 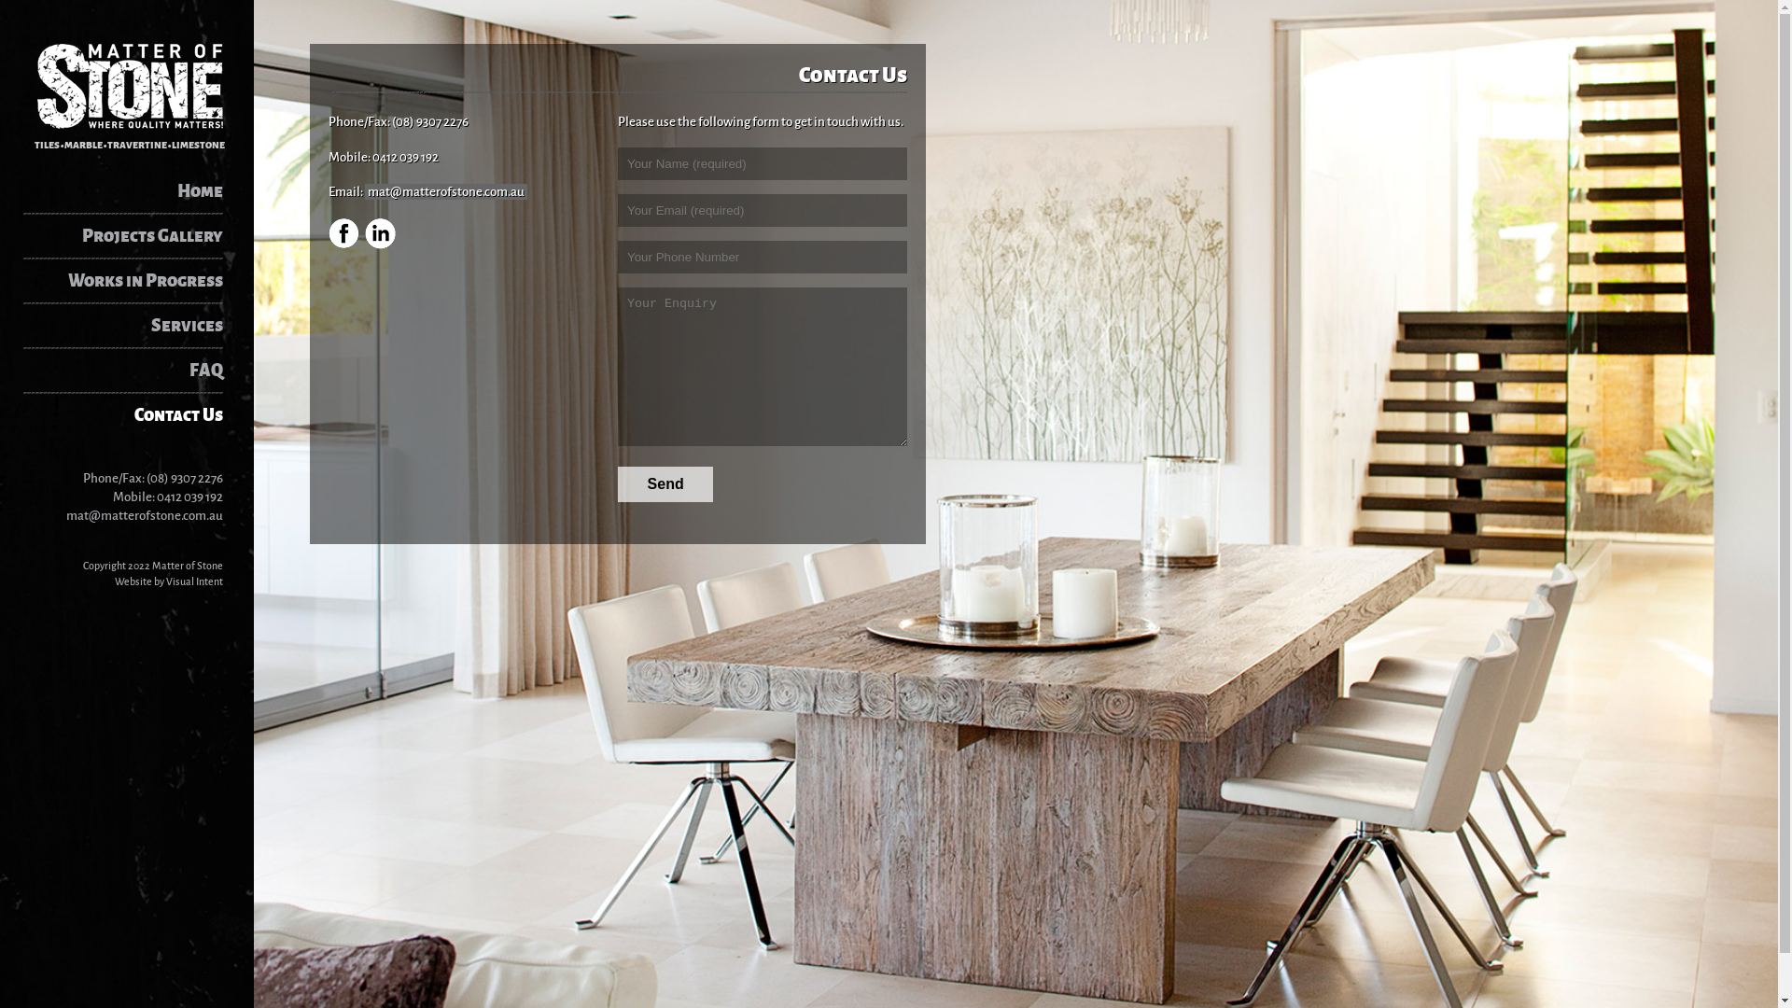 What do you see at coordinates (133, 235) in the screenshot?
I see `'Projects Gallery'` at bounding box center [133, 235].